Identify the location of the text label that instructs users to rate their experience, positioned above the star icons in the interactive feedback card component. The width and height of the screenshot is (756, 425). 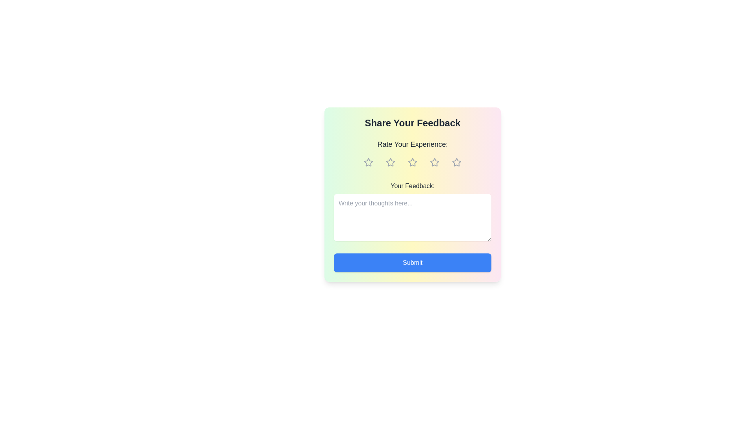
(412, 144).